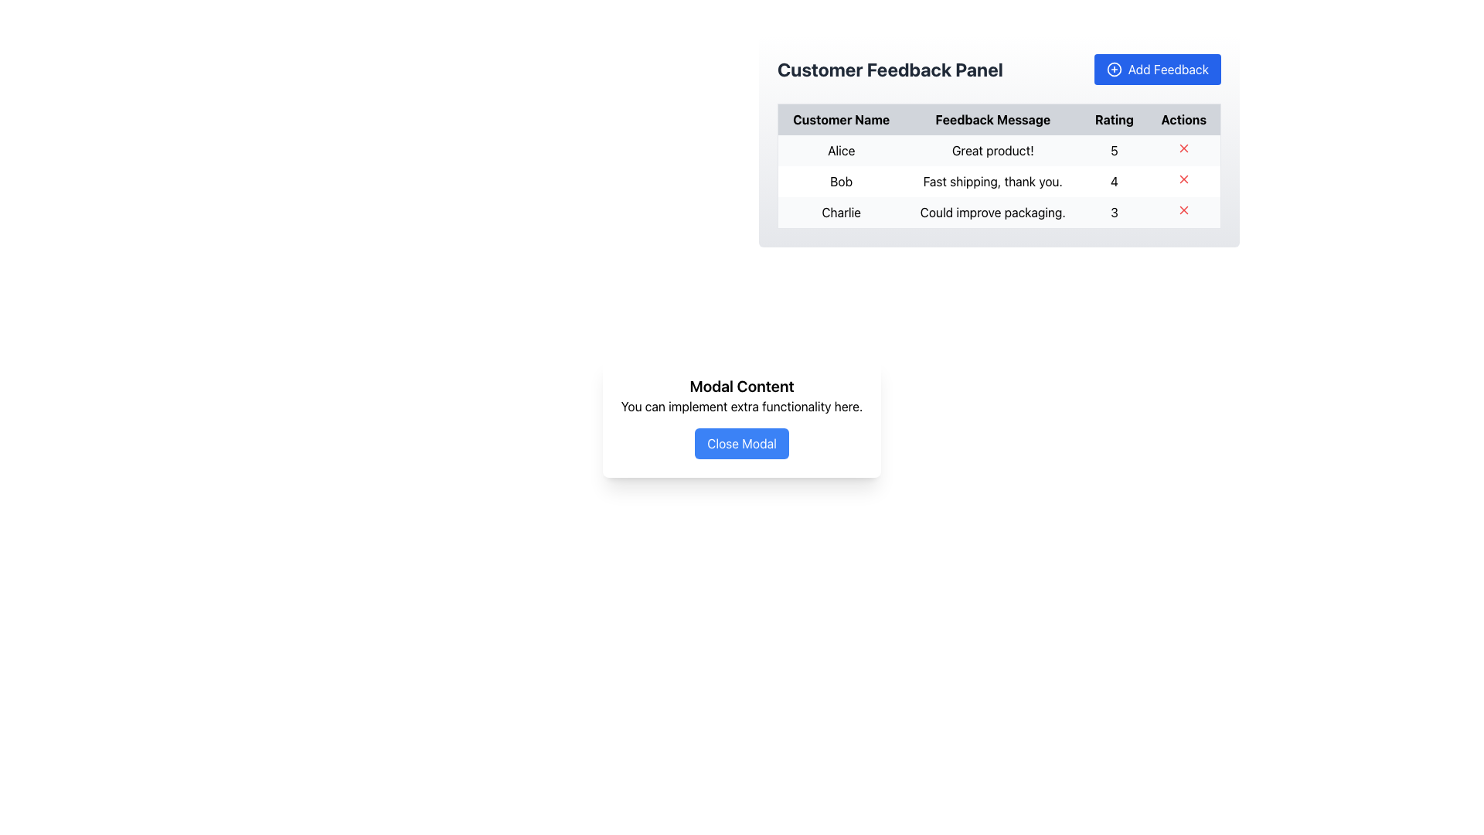  Describe the element at coordinates (999, 135) in the screenshot. I see `the 'Customer Feedback Panel' table to select a specific feedback entry` at that location.